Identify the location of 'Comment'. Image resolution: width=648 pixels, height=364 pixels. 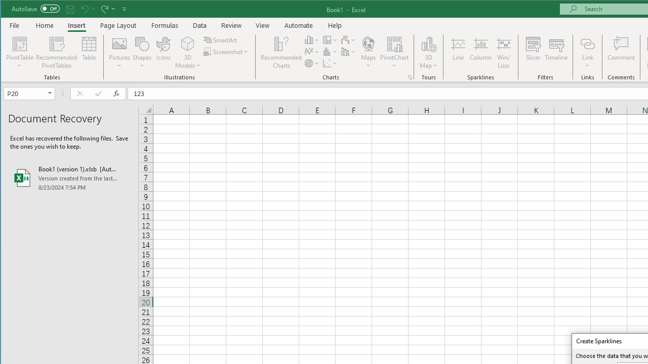
(621, 53).